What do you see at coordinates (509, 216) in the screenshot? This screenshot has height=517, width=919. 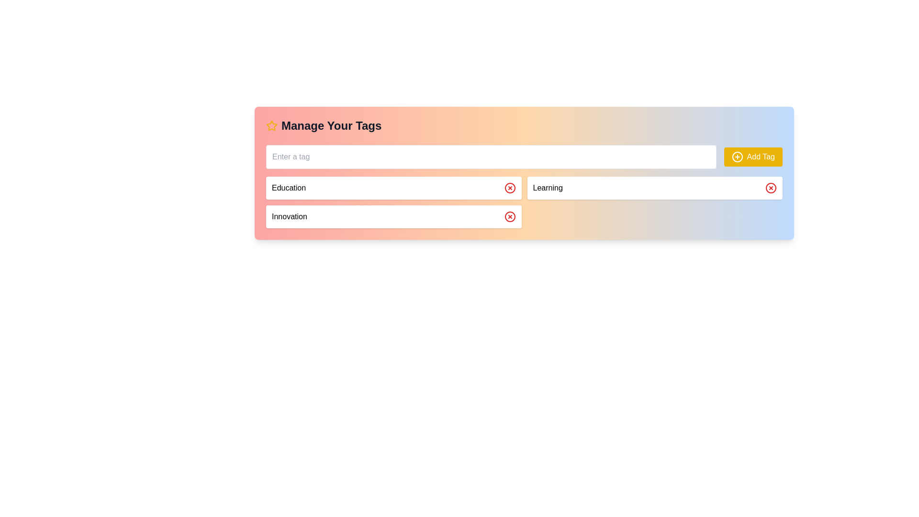 I see `the 'remove' icon button located in the top-right corner of the input field within the 'Manage Your Tags' form` at bounding box center [509, 216].